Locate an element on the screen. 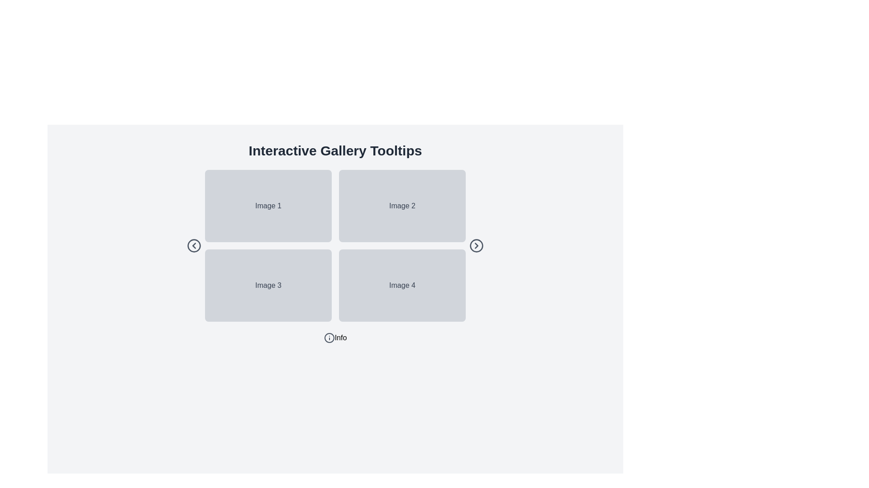  the text label that displays 'Image 4' is located at coordinates (401, 286).